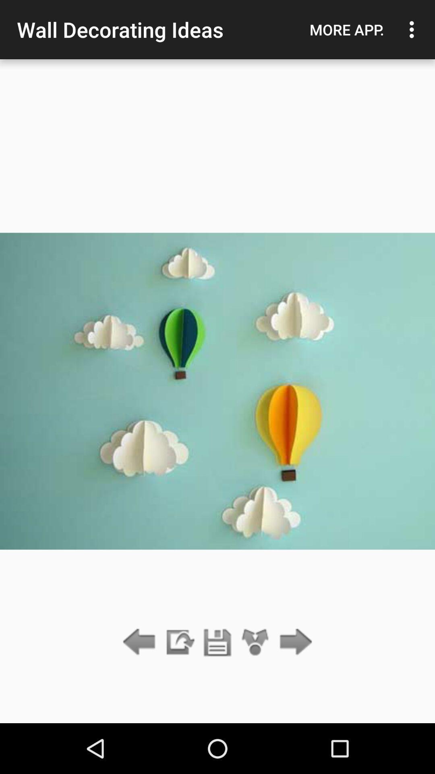 Image resolution: width=435 pixels, height=774 pixels. Describe the element at coordinates (217, 642) in the screenshot. I see `the save icon` at that location.